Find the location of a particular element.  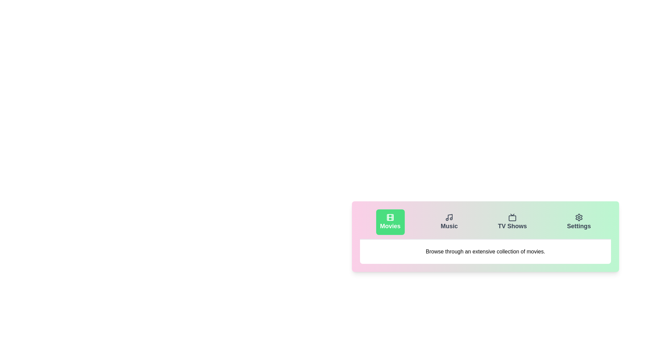

the TV Shows tab to switch to its content is located at coordinates (512, 222).